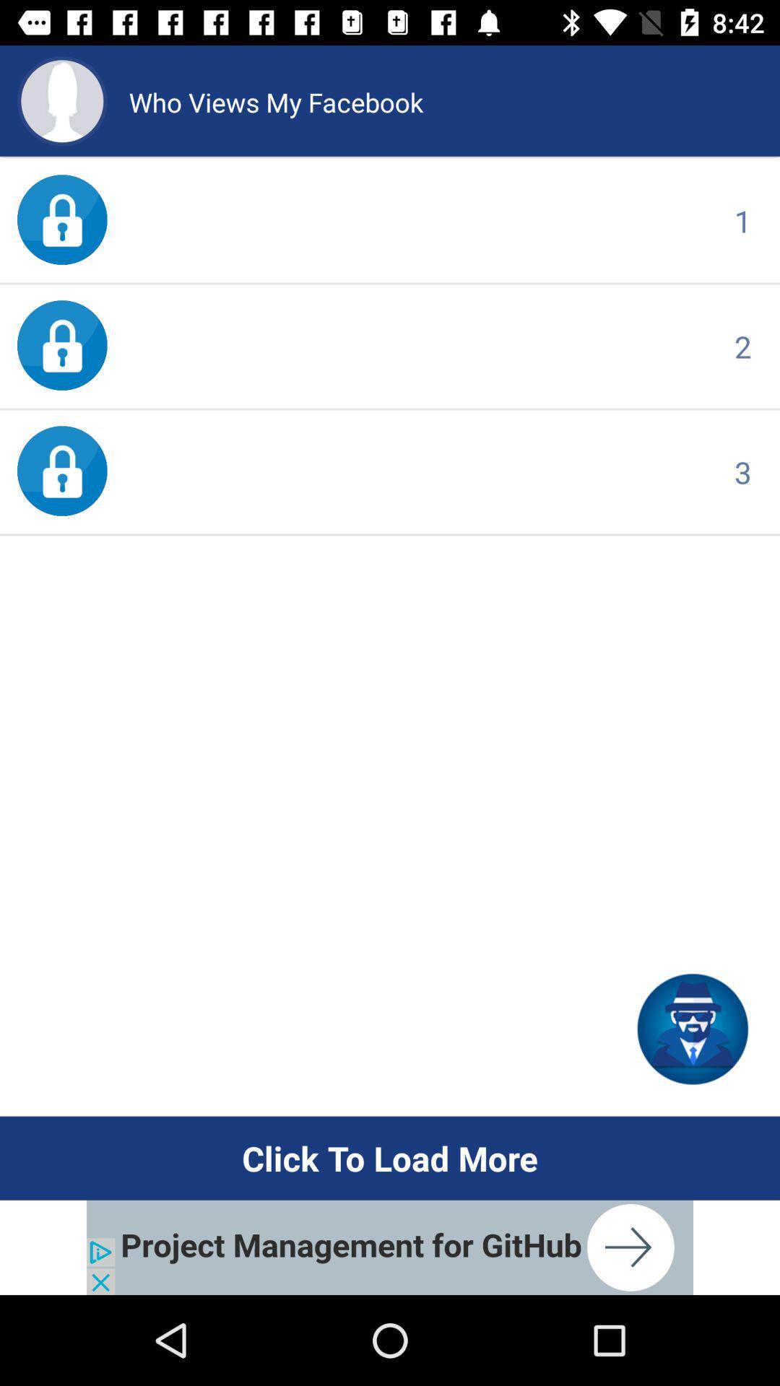  Describe the element at coordinates (27, 77) in the screenshot. I see `the avatar icon` at that location.